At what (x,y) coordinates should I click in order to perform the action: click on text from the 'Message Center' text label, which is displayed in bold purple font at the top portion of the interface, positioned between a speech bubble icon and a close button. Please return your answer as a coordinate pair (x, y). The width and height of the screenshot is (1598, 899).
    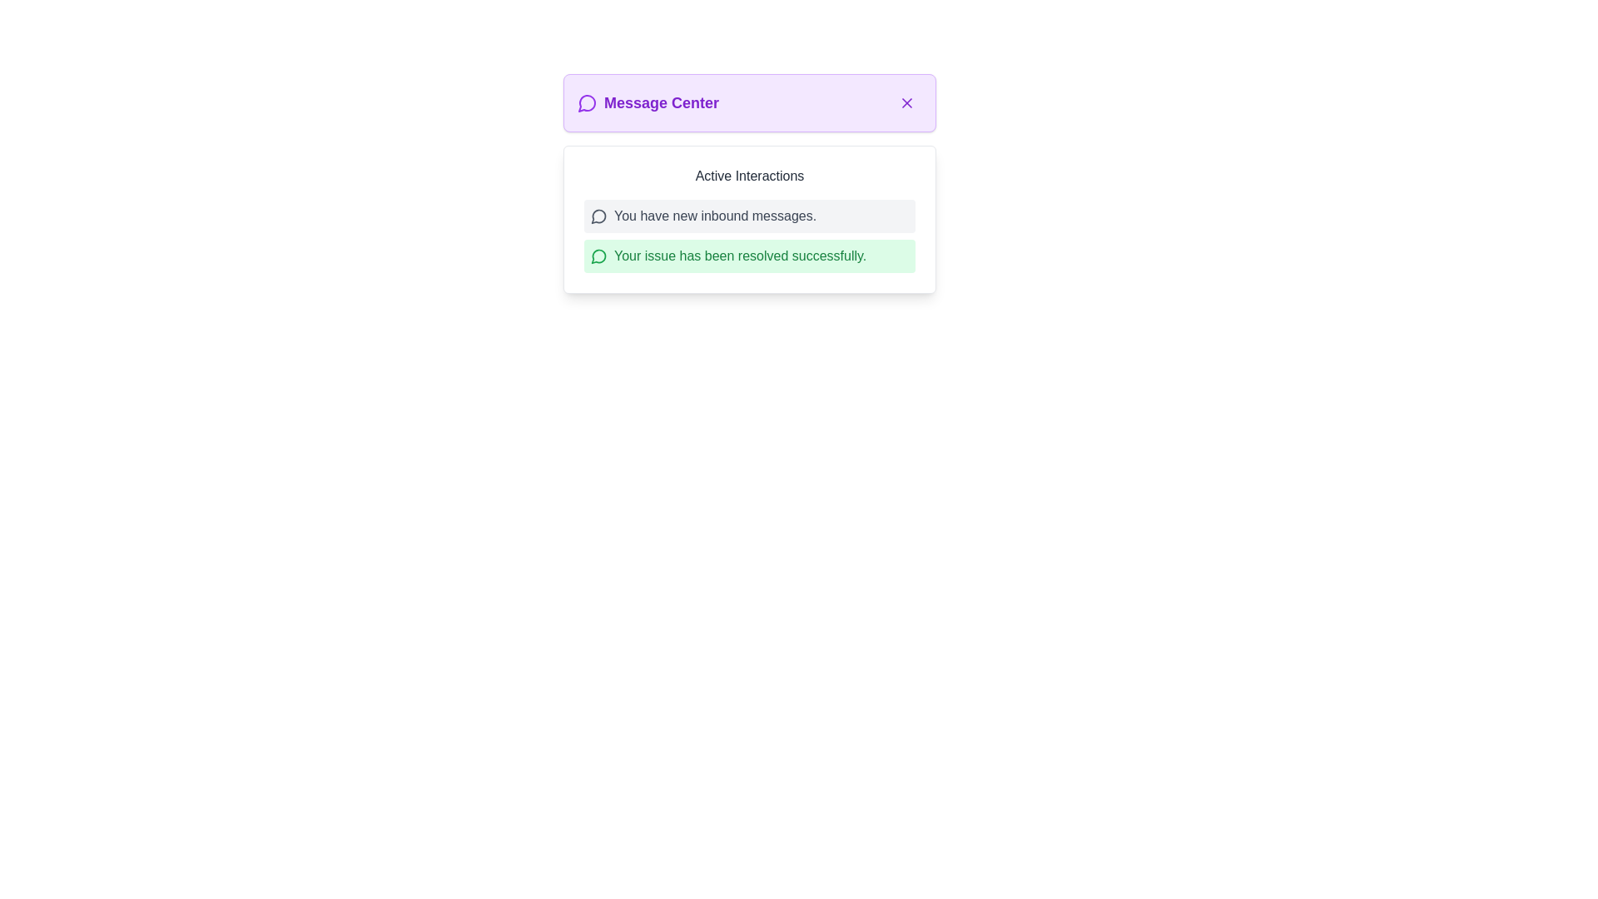
    Looking at the image, I should click on (661, 102).